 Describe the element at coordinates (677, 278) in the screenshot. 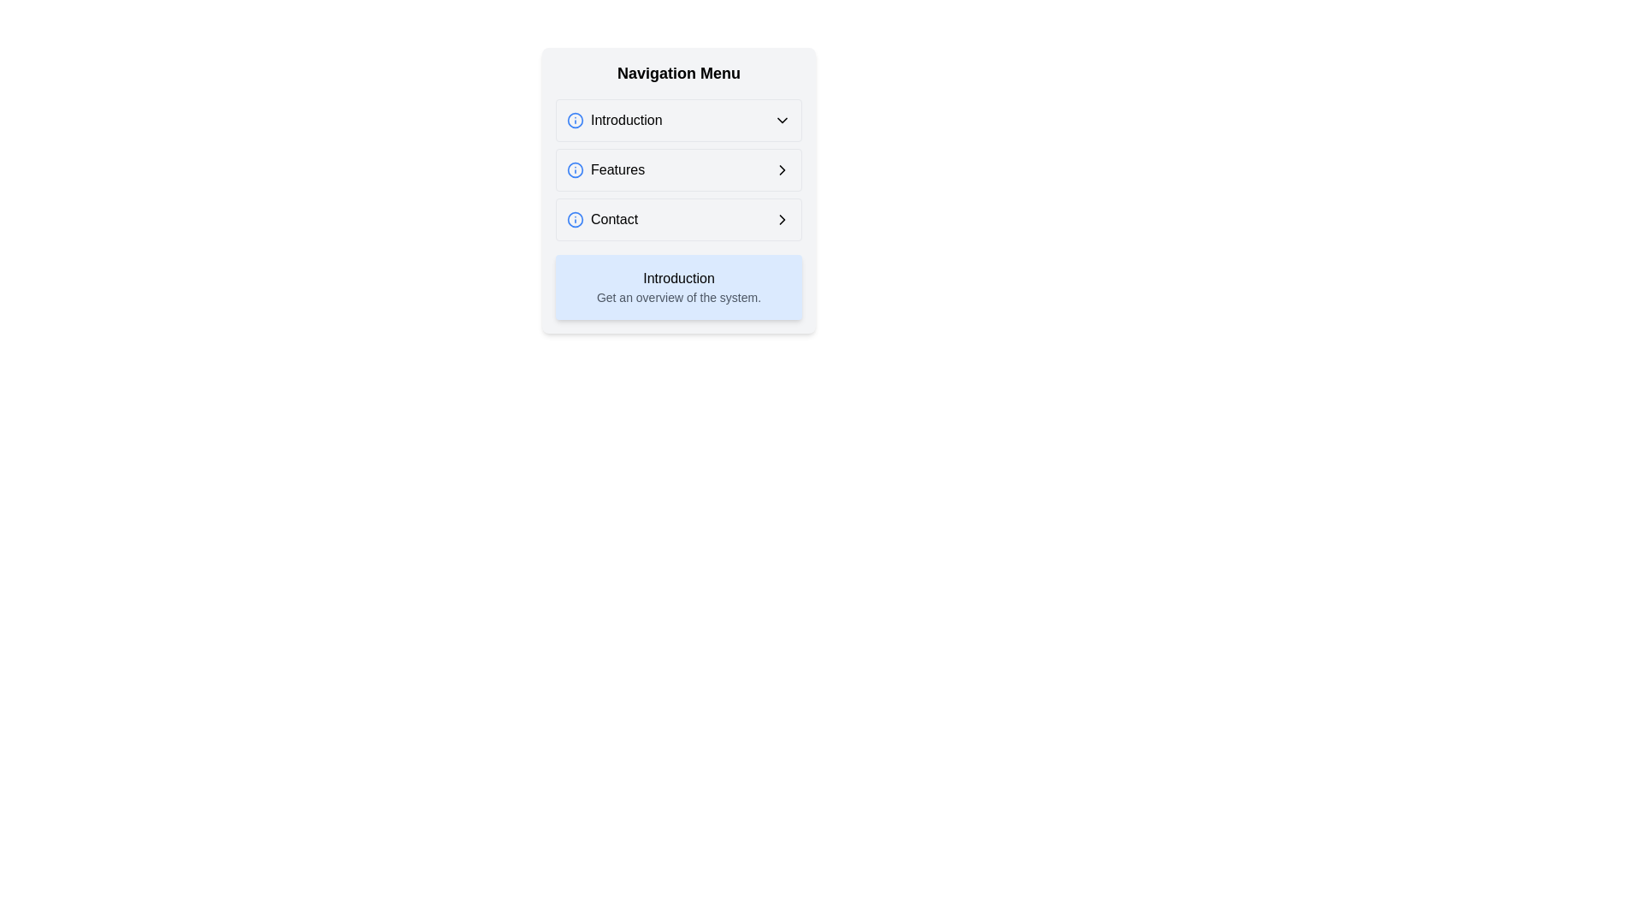

I see `text from the header label indicating the introduction of a topic or system located within the 'Navigation Menu' area, positioned above the section that reads 'Get an overview of the system.'` at that location.